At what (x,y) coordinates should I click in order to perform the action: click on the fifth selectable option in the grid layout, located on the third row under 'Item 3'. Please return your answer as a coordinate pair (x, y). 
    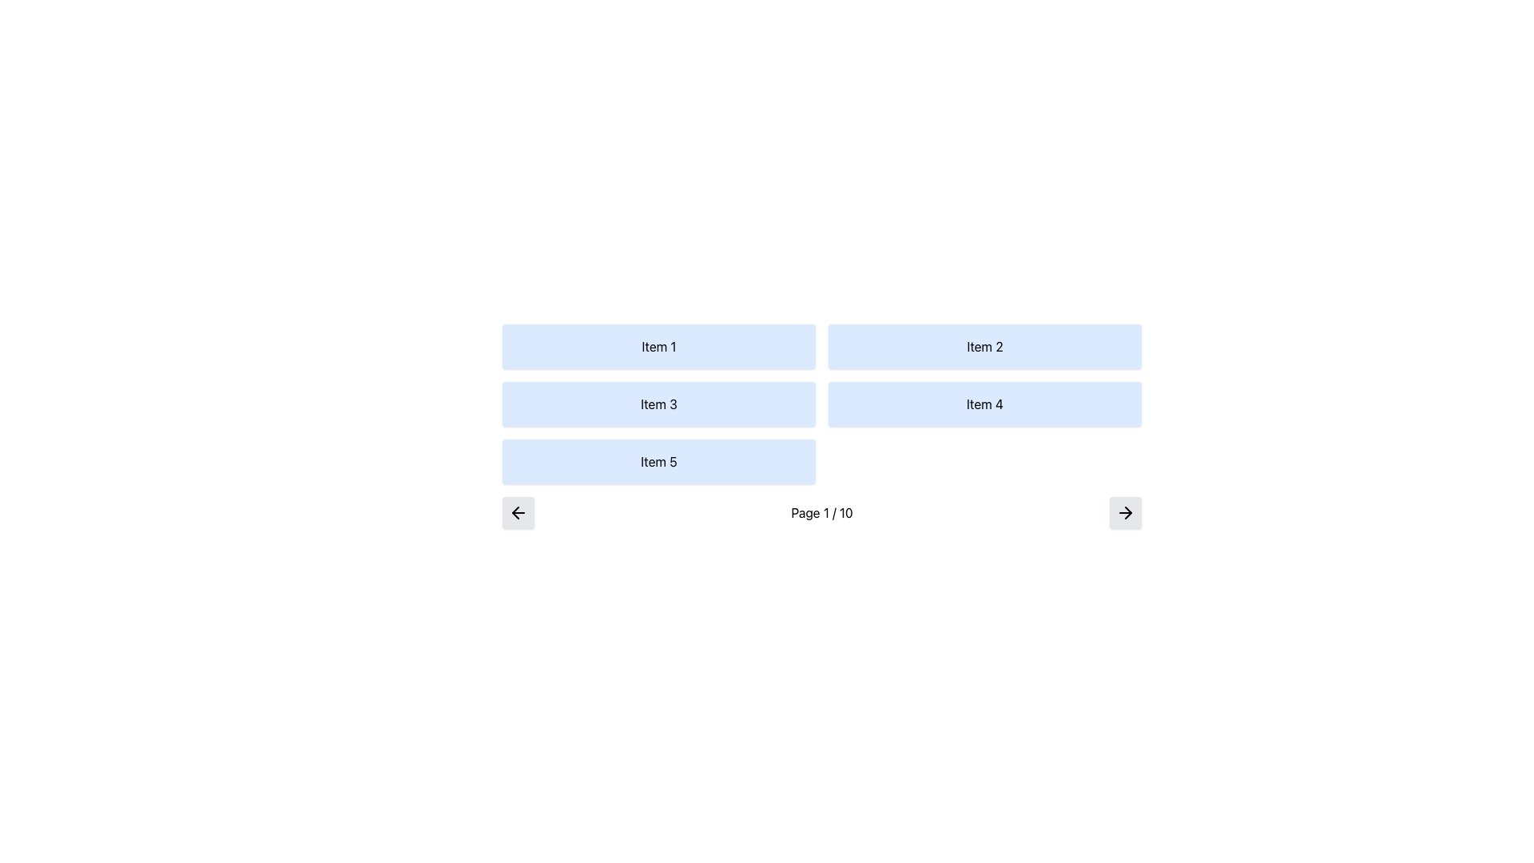
    Looking at the image, I should click on (659, 462).